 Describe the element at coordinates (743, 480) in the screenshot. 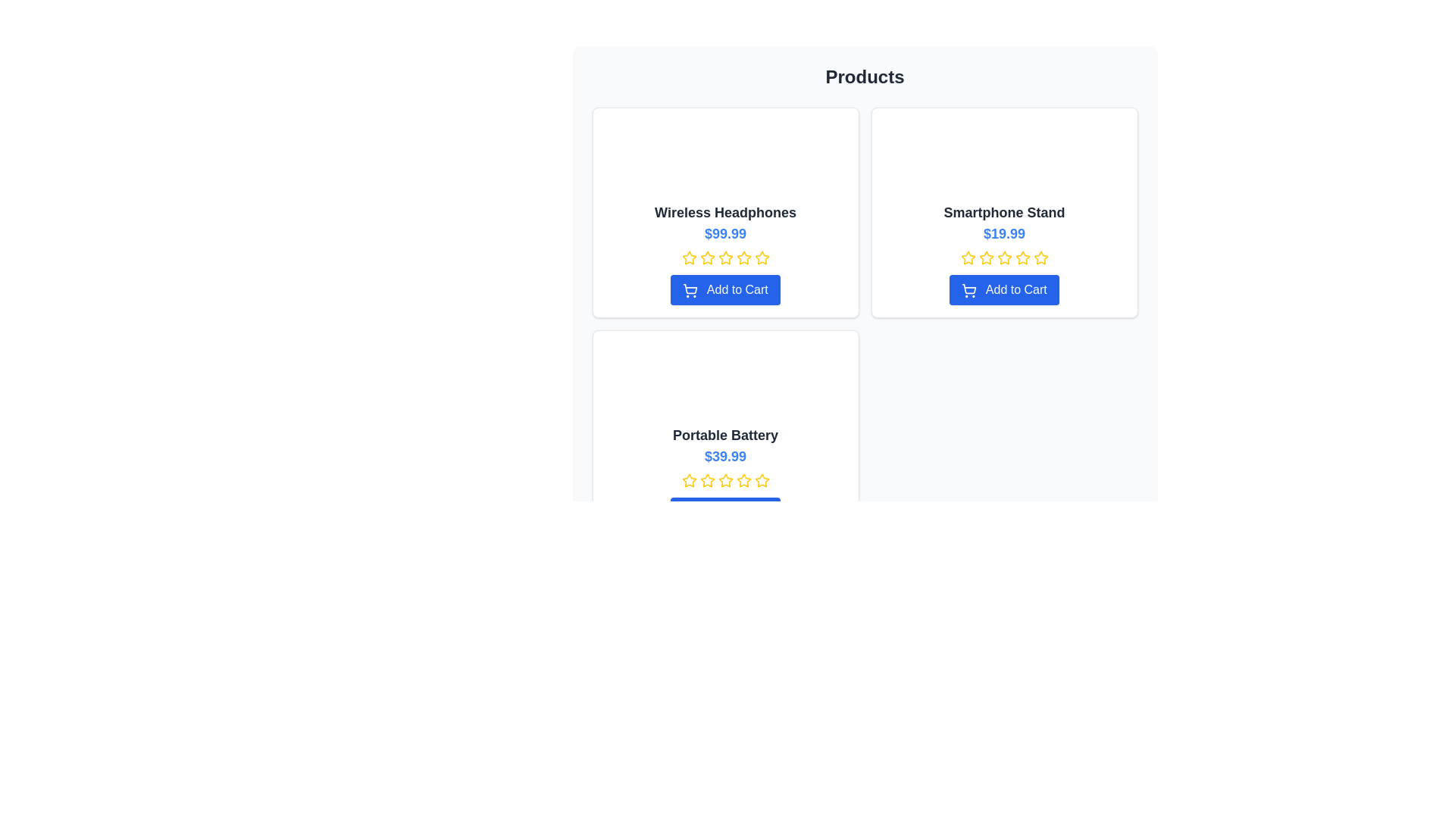

I see `the second star in the rating system under the 'Portable Battery' product to rate it` at that location.